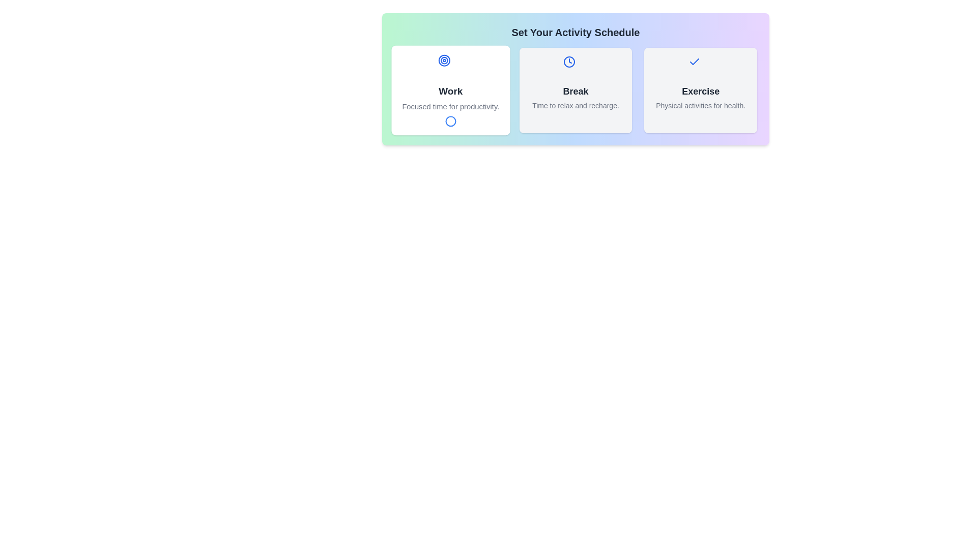 This screenshot has width=977, height=549. Describe the element at coordinates (450, 120) in the screenshot. I see `the decorative indicator circle located at the bottom of the 'Work' activity card, beneath the text 'Focused time for productivity.'` at that location.